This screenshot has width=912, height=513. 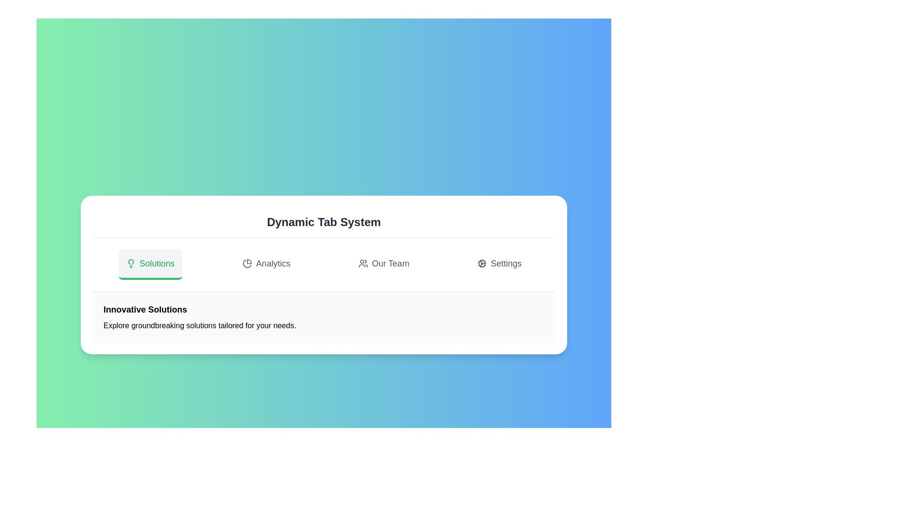 What do you see at coordinates (482, 264) in the screenshot?
I see `the cogwheel icon, which is part of the settings section` at bounding box center [482, 264].